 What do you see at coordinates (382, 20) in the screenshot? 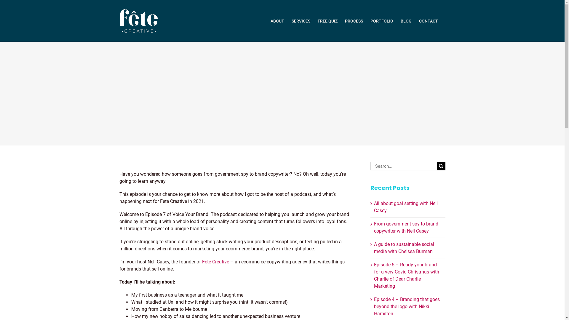
I see `'PORTFOLIO'` at bounding box center [382, 20].